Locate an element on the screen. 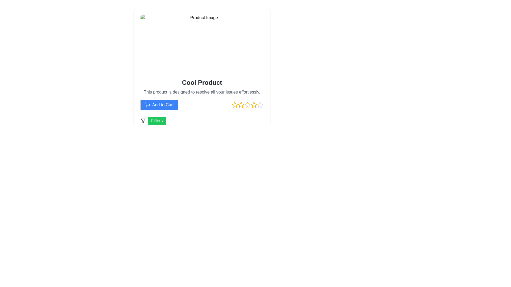 The width and height of the screenshot is (511, 287). the fifth star icon in the star rating system is located at coordinates (260, 105).